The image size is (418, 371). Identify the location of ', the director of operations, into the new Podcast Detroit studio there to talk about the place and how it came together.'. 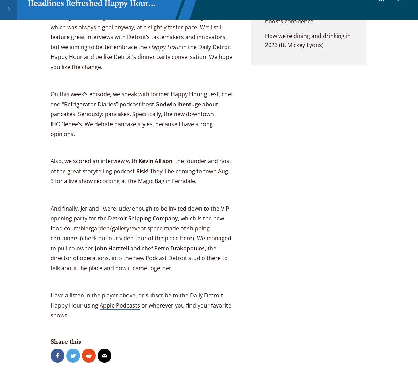
(139, 258).